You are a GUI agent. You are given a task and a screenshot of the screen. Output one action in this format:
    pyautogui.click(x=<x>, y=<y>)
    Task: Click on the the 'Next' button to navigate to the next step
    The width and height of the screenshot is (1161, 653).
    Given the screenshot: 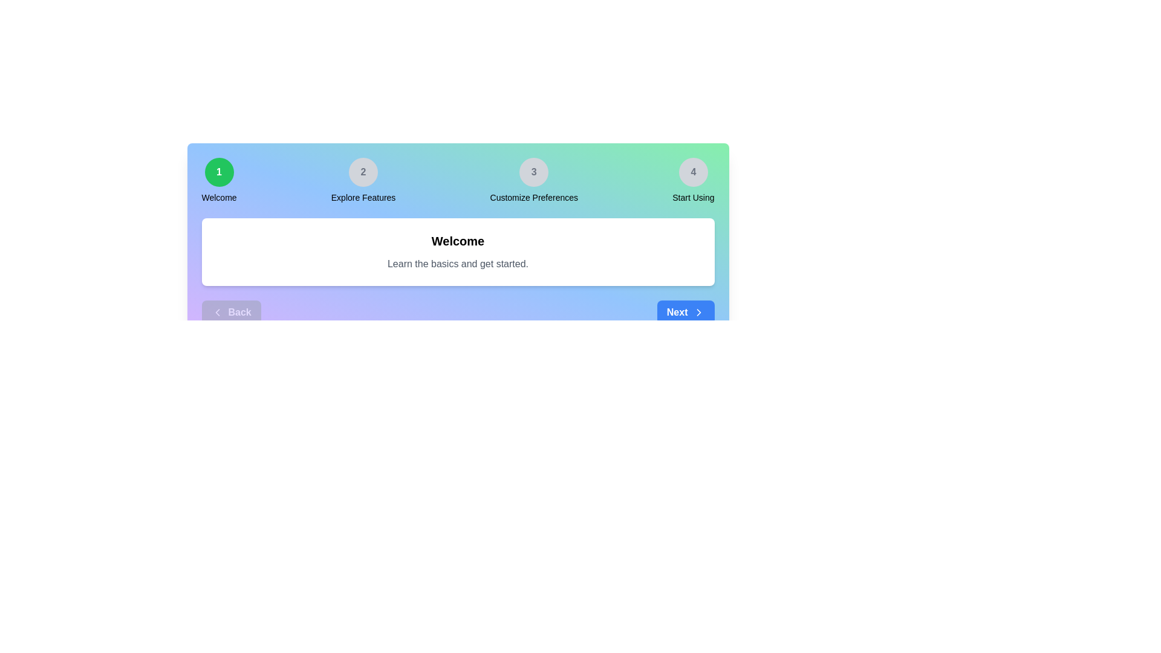 What is the action you would take?
    pyautogui.click(x=685, y=311)
    